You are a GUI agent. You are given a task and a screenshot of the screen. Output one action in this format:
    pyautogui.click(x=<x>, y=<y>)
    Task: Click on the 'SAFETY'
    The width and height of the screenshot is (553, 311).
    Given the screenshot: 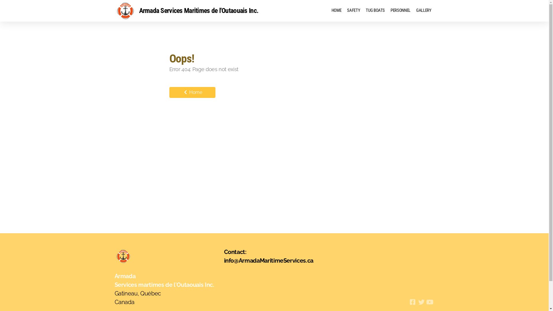 What is the action you would take?
    pyautogui.click(x=353, y=11)
    